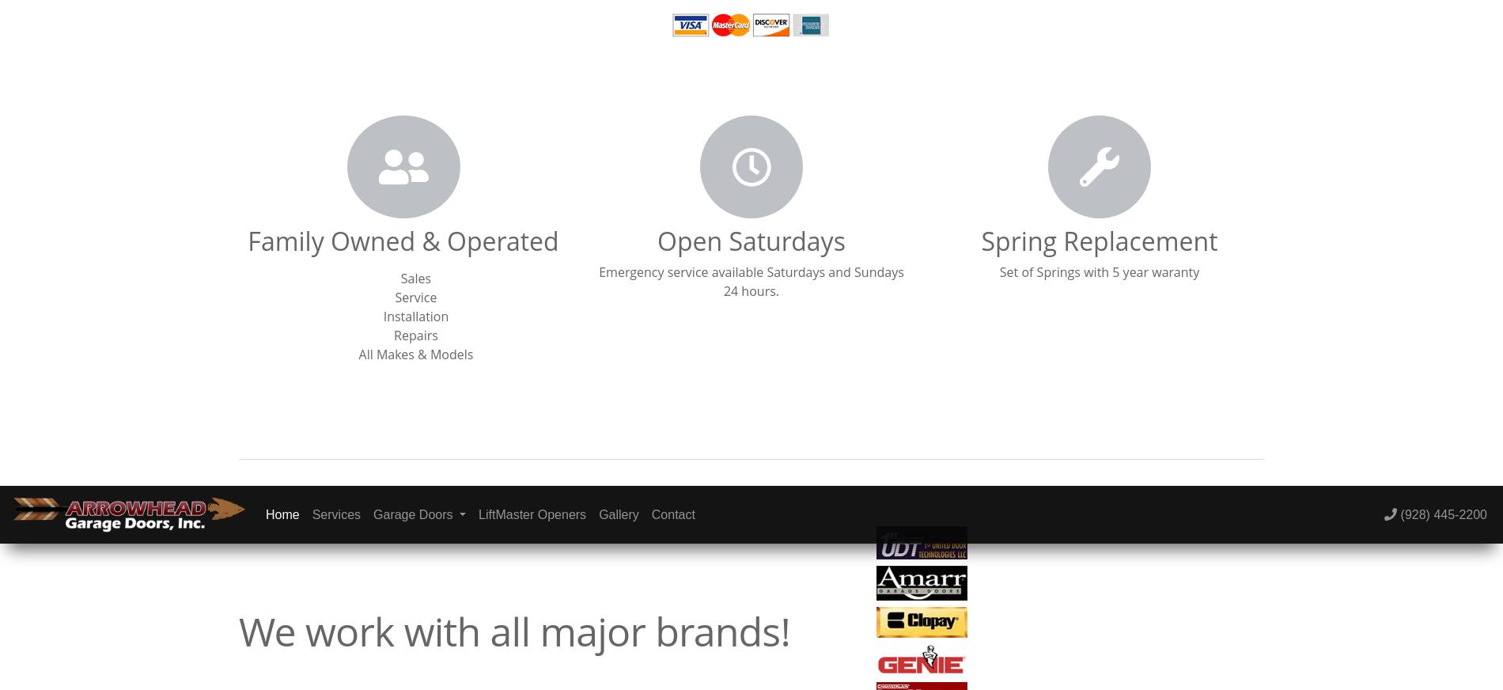  I want to click on 'Contact Us', so click(1065, 68).